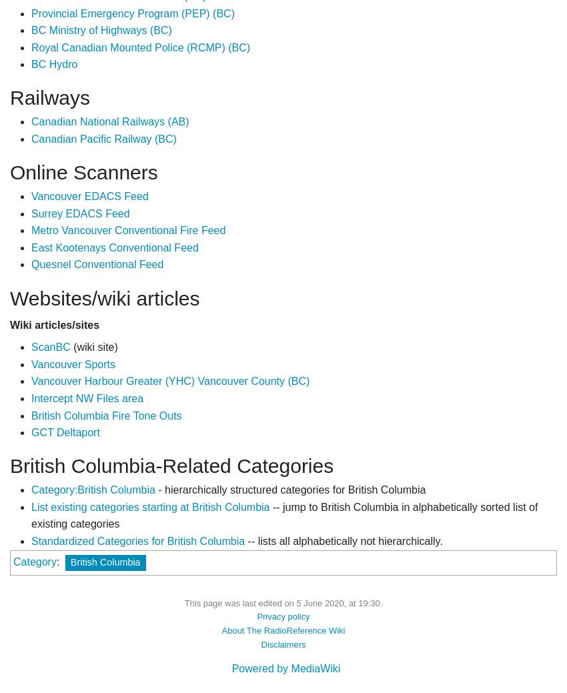 The width and height of the screenshot is (567, 693). What do you see at coordinates (283, 514) in the screenshot?
I see `'-- jump to British Columbia in alphabetically sorted list of existing categories'` at bounding box center [283, 514].